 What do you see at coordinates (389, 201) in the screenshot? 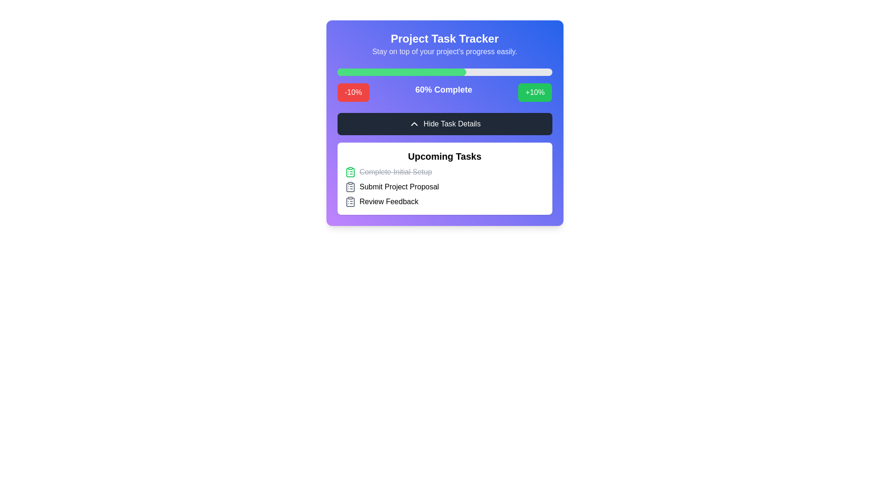
I see `the text element 'Review Feedback' in the 'Upcoming Tasks' section, which is the third list item after 'Submit Project Proposal'` at bounding box center [389, 201].